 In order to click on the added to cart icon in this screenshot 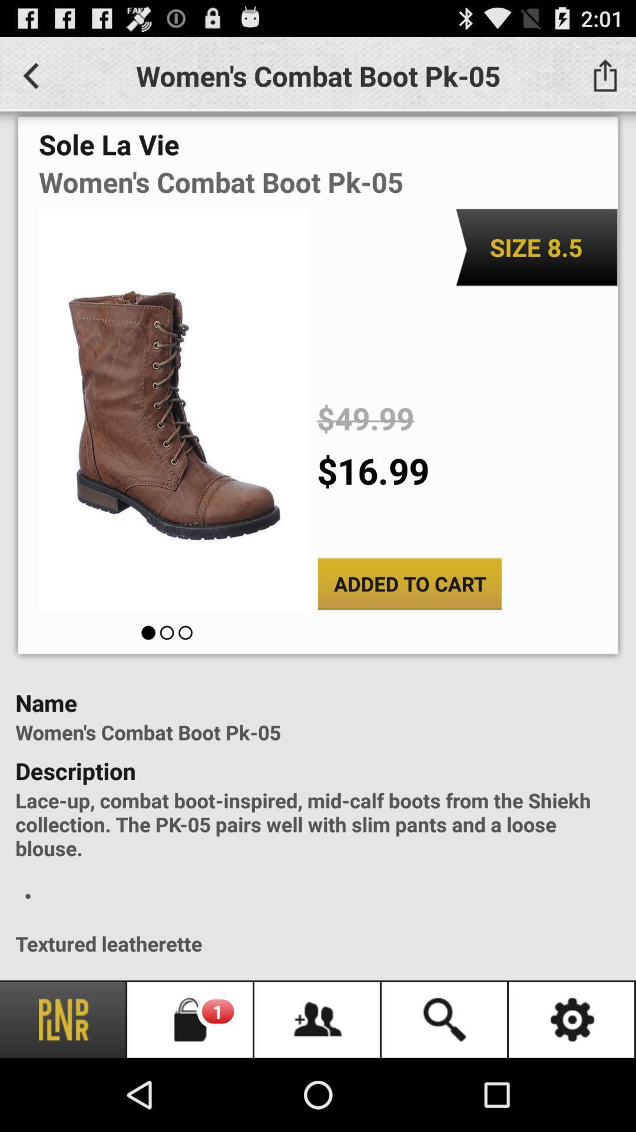, I will do `click(409, 584)`.